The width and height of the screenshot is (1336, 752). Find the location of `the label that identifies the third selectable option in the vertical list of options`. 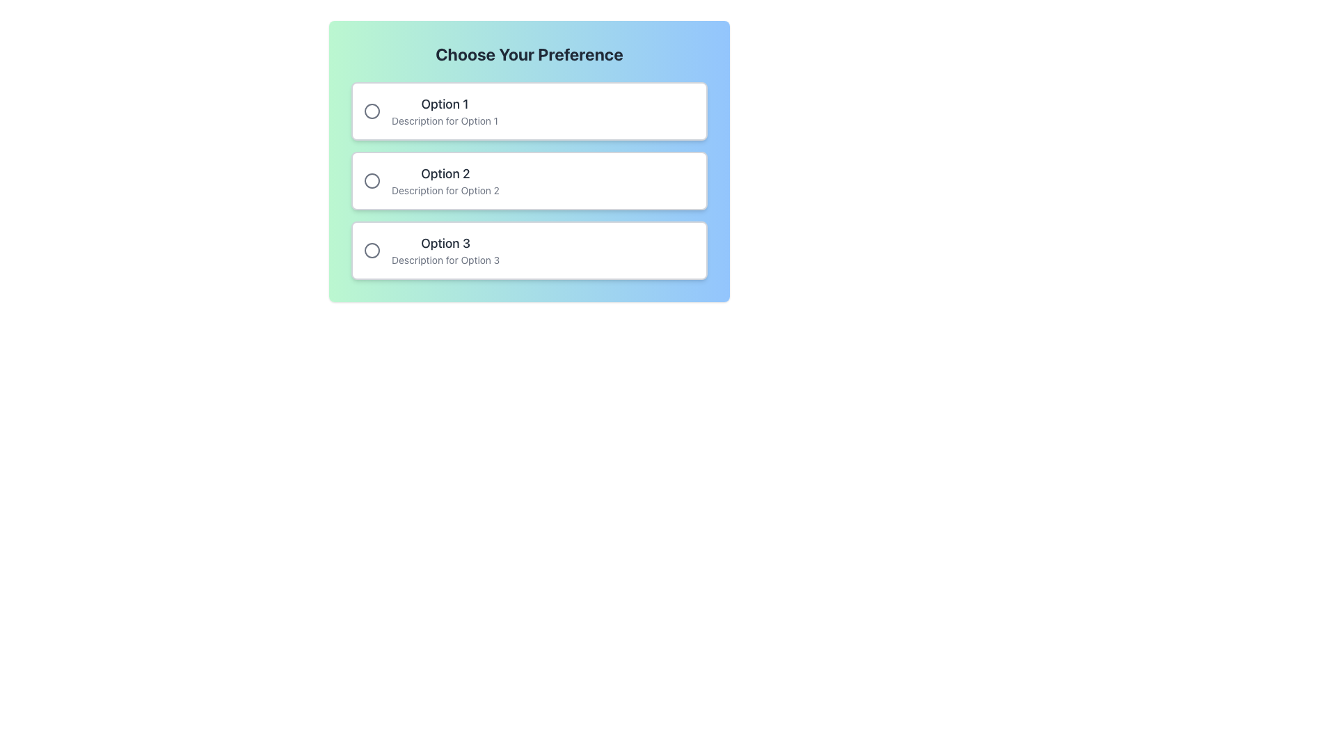

the label that identifies the third selectable option in the vertical list of options is located at coordinates (445, 243).